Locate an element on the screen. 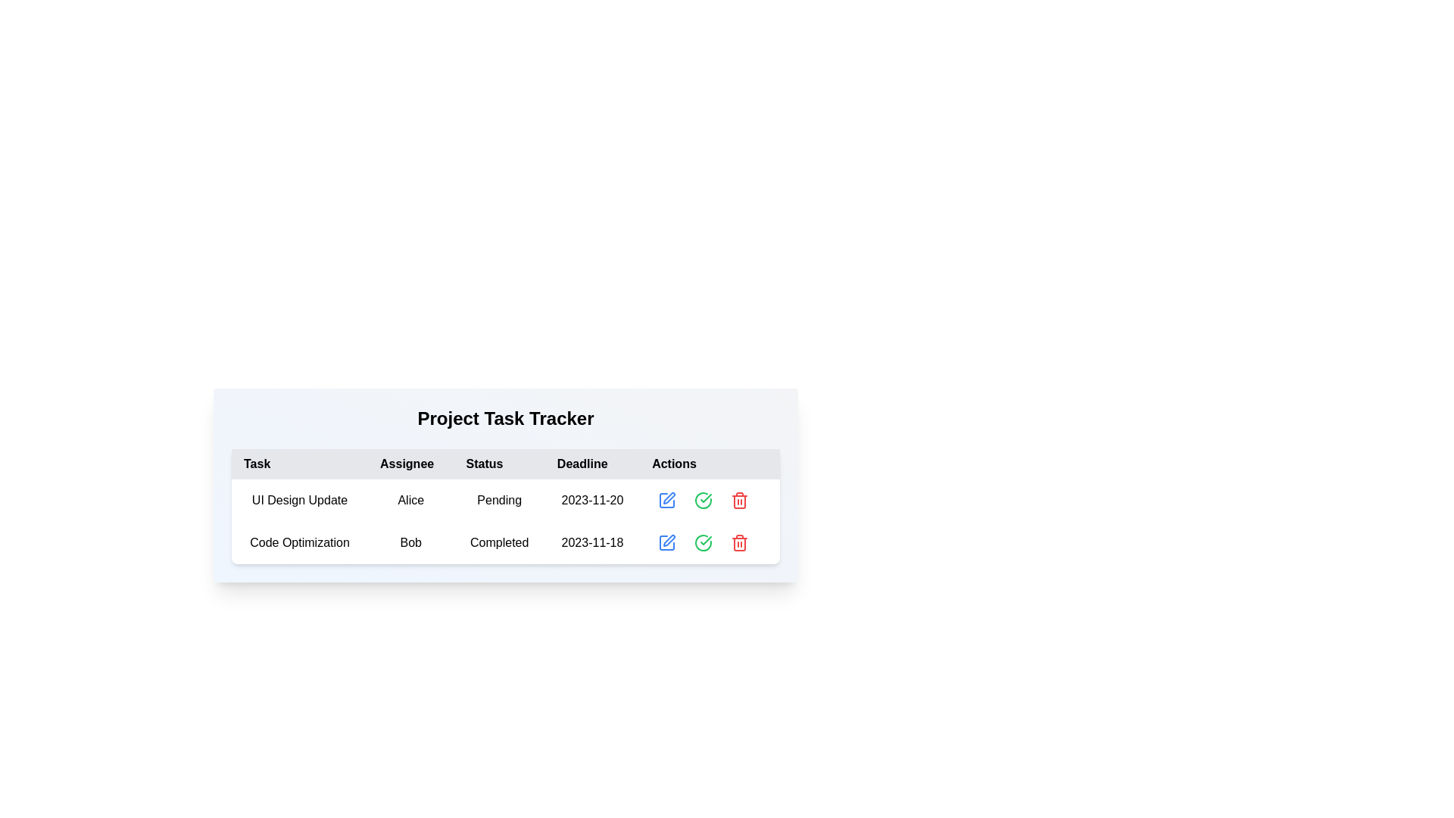 The width and height of the screenshot is (1454, 818). the blue square-shaped edit icon with a pen symbol located is located at coordinates (666, 500).